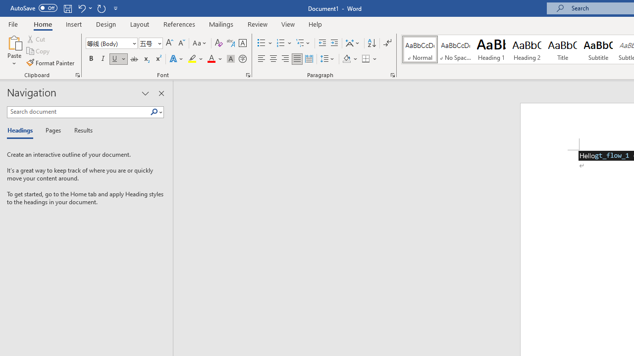 The image size is (634, 356). What do you see at coordinates (169, 43) in the screenshot?
I see `'Grow Font'` at bounding box center [169, 43].